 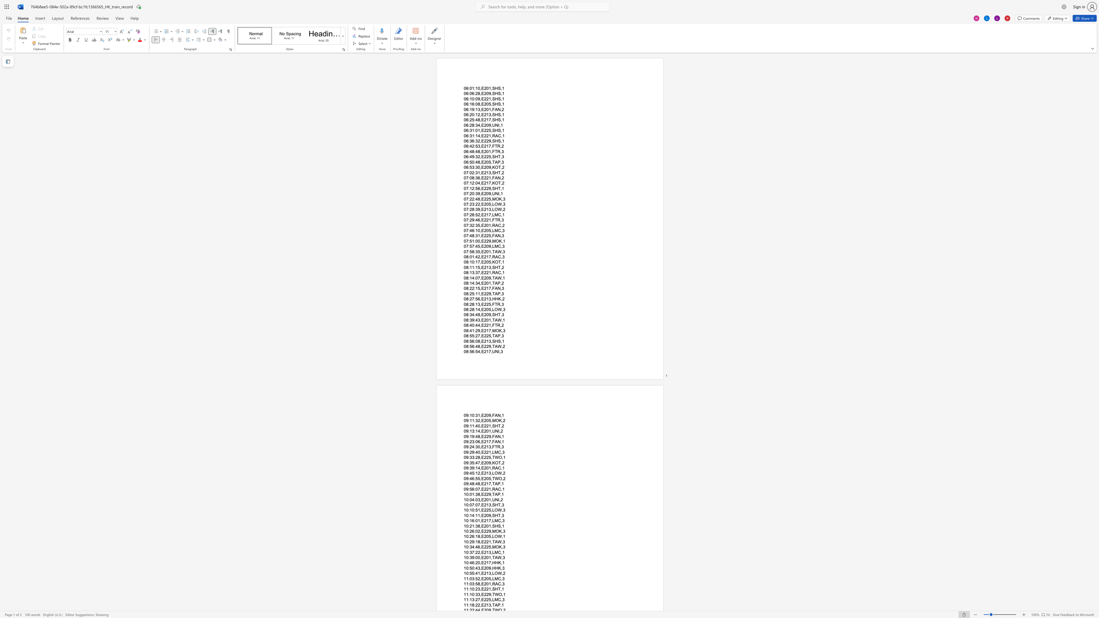 I want to click on the subset text "E2" within the text "07:02:31,E213,SHT,2", so click(x=481, y=173).